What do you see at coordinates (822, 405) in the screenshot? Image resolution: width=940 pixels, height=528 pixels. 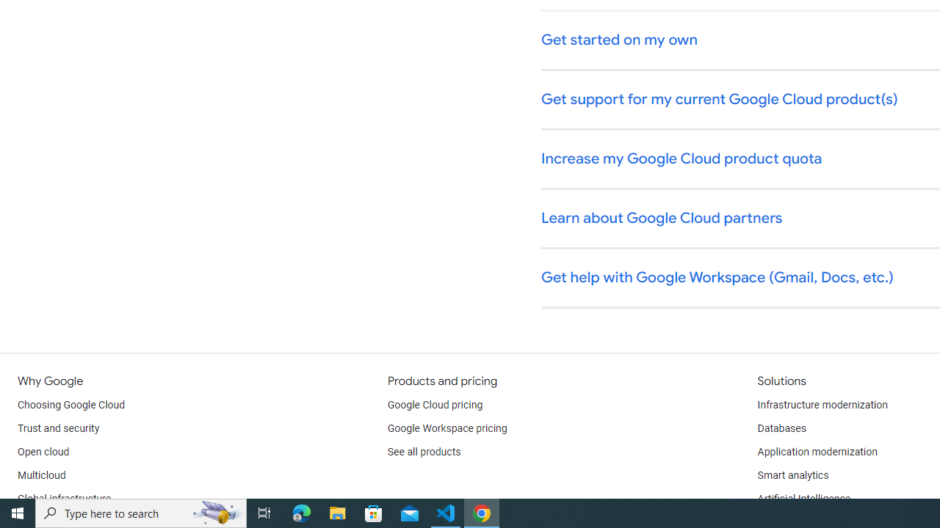 I see `'Infrastructure modernization'` at bounding box center [822, 405].